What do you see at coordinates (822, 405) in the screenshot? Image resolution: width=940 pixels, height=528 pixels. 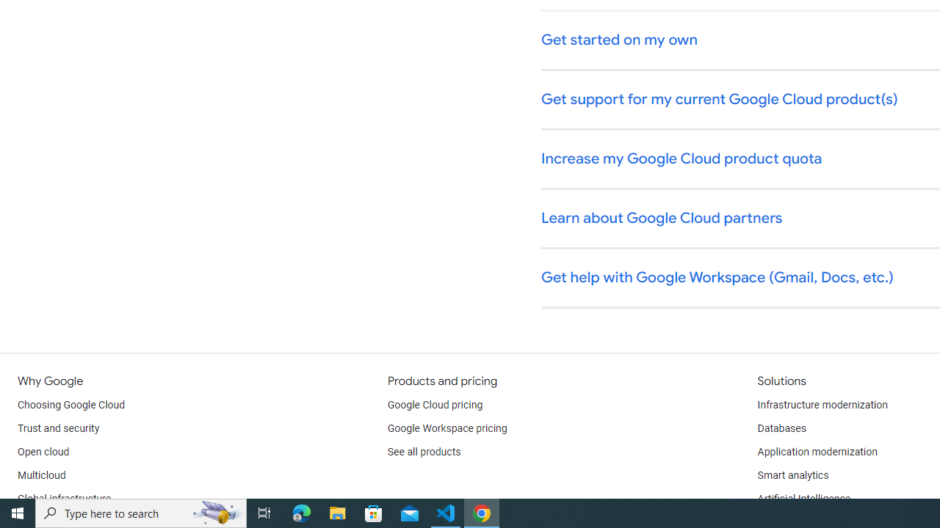 I see `'Infrastructure modernization'` at bounding box center [822, 405].